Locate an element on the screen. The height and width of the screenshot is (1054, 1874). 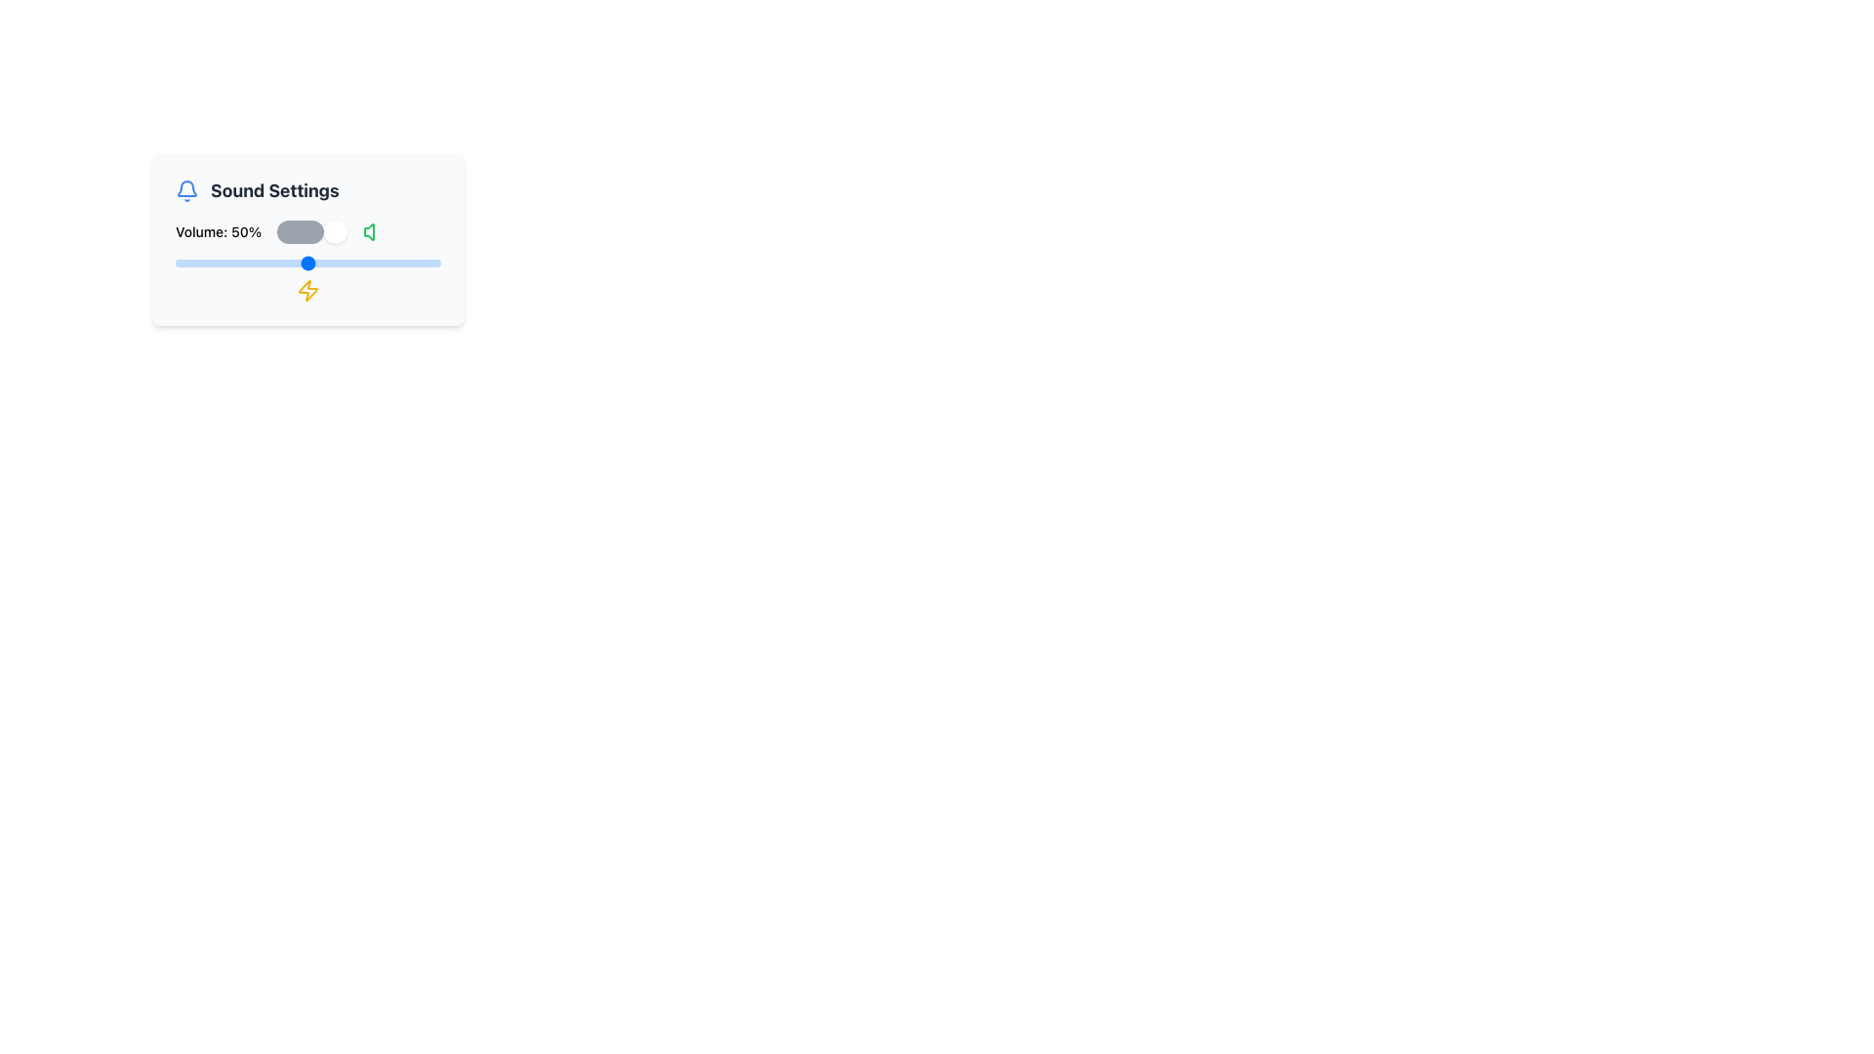
the volume is located at coordinates (343, 263).